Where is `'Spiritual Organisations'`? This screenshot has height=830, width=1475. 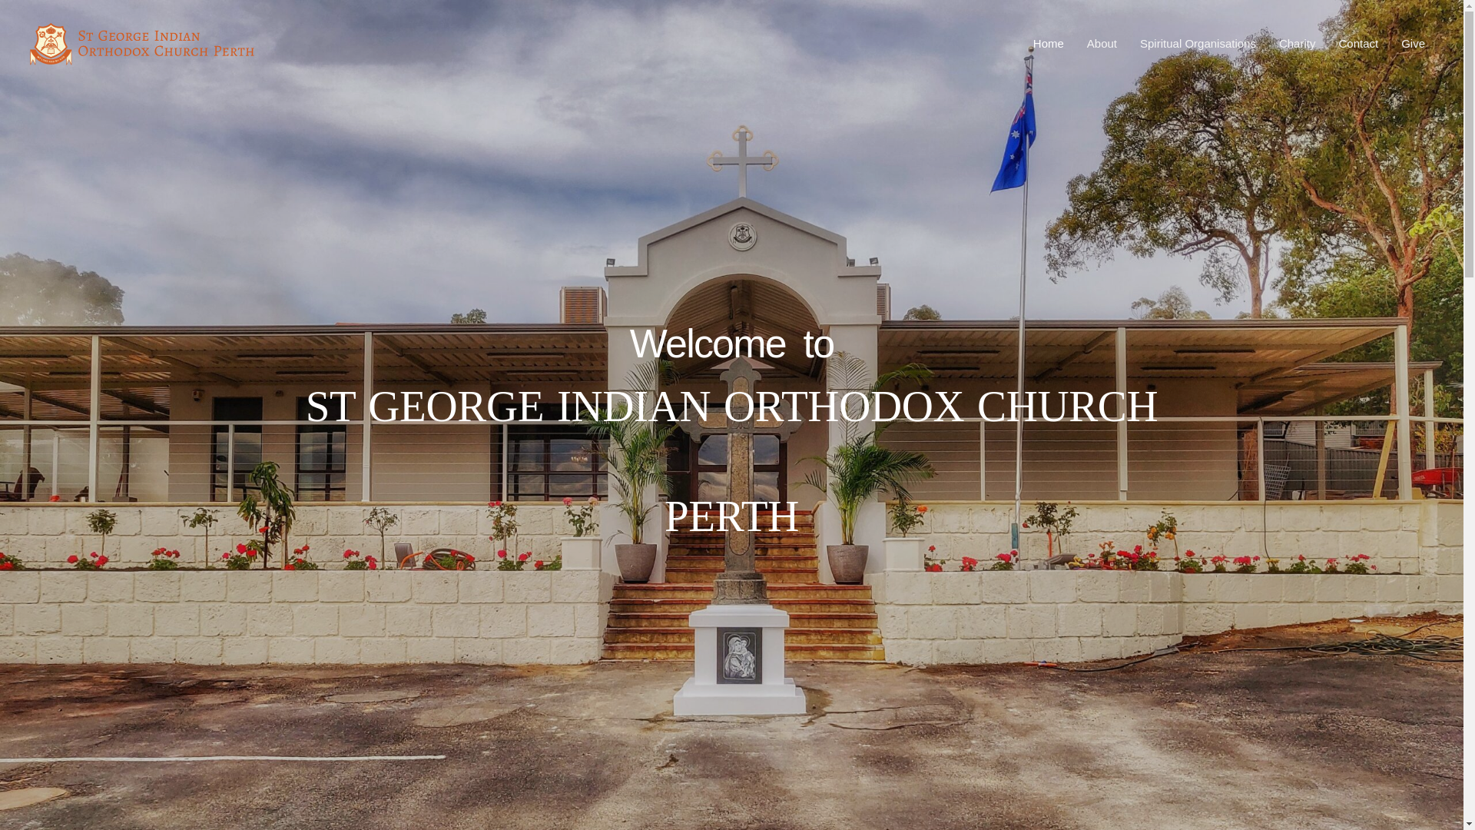
'Spiritual Organisations' is located at coordinates (1197, 43).